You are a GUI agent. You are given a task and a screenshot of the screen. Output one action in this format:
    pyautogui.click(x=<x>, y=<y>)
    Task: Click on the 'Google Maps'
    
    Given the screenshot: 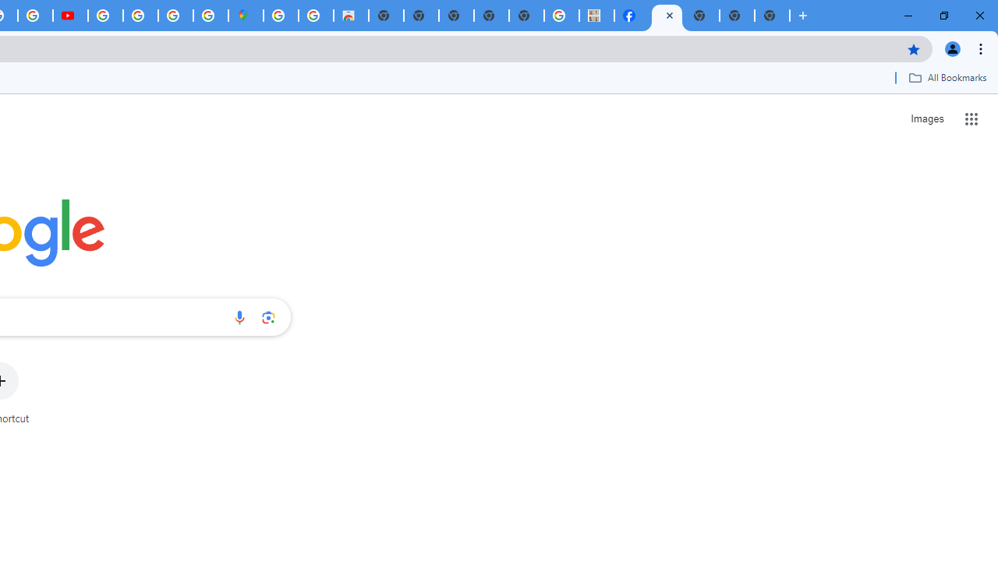 What is the action you would take?
    pyautogui.click(x=245, y=16)
    